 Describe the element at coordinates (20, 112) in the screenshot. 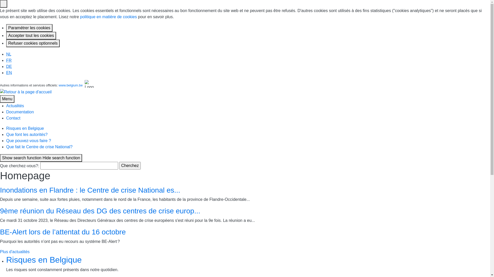

I see `'Documentation'` at that location.